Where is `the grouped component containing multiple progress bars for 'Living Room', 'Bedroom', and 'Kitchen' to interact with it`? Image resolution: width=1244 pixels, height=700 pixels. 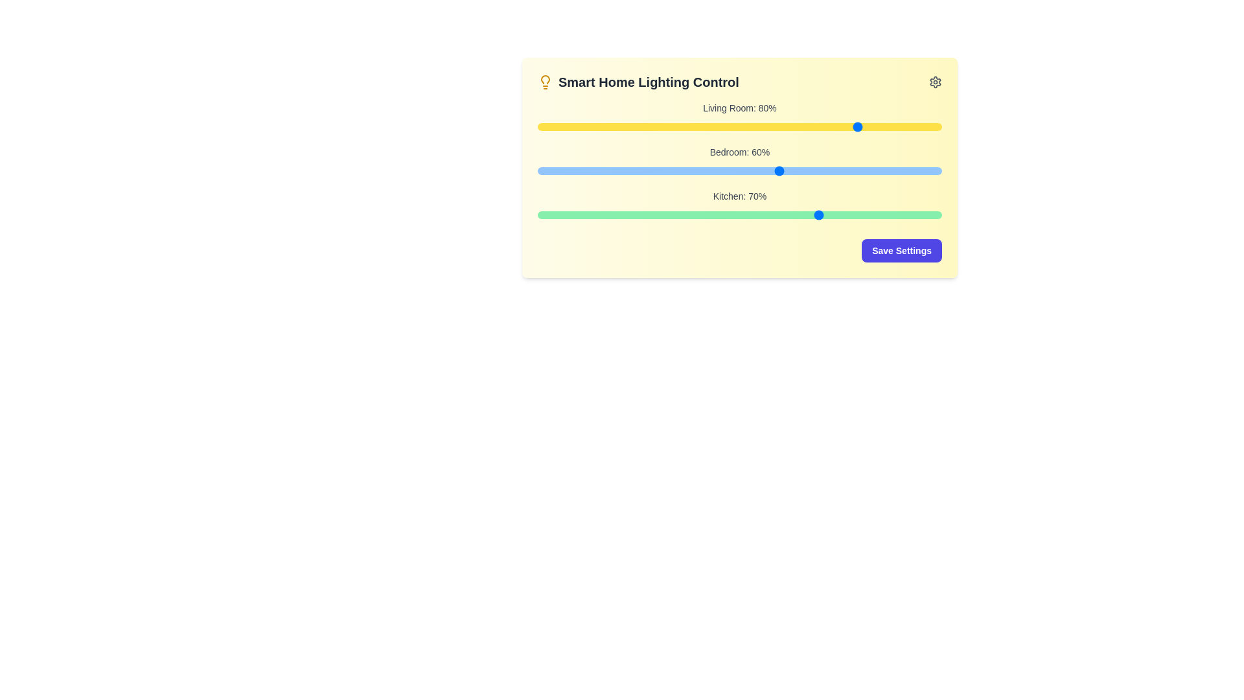 the grouped component containing multiple progress bars for 'Living Room', 'Bedroom', and 'Kitchen' to interact with it is located at coordinates (740, 161).